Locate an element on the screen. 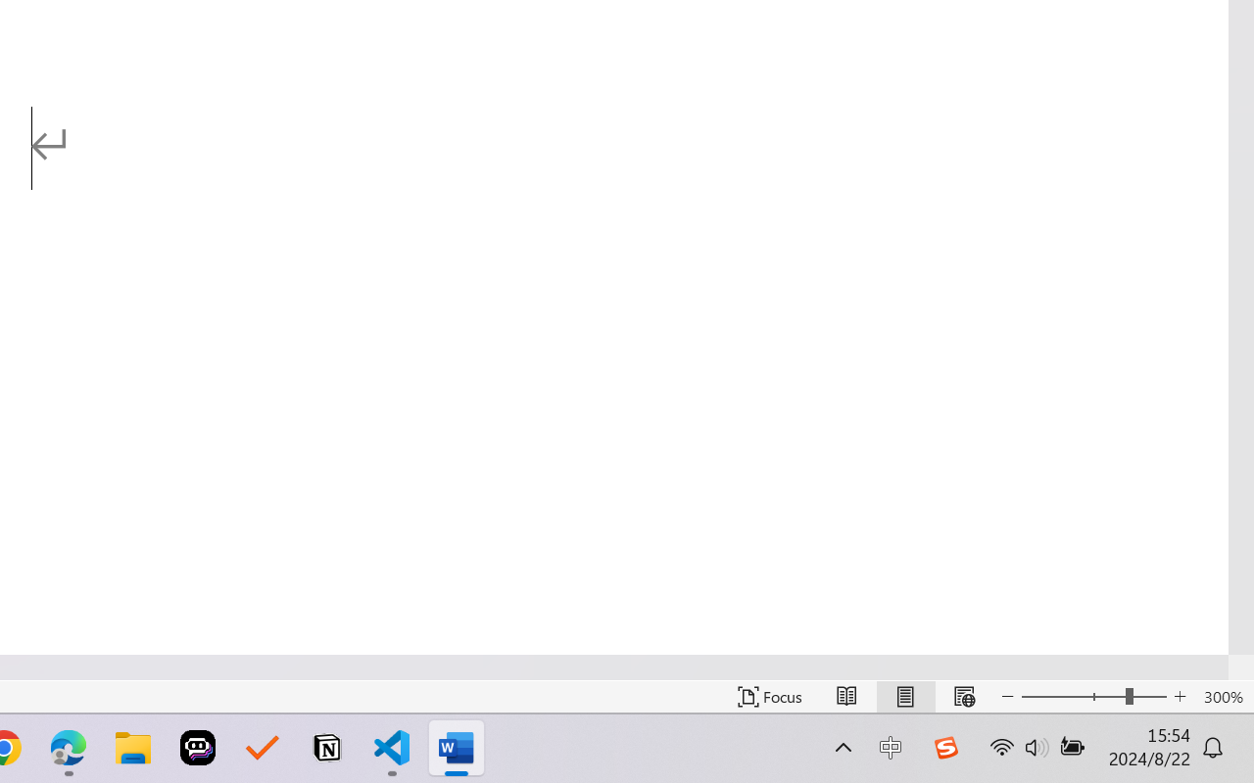 This screenshot has height=783, width=1254. 'Class: Image' is located at coordinates (945, 748).